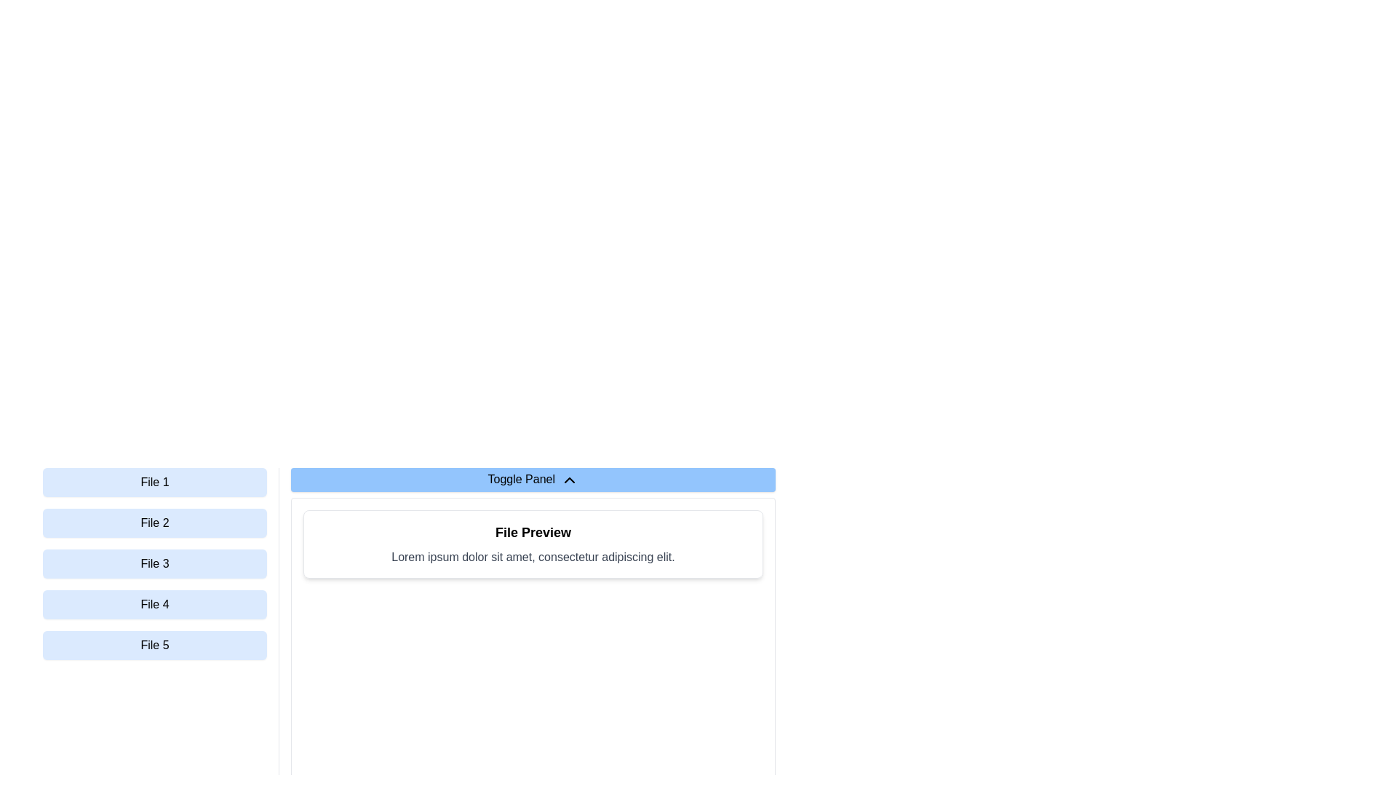 Image resolution: width=1397 pixels, height=786 pixels. What do you see at coordinates (154, 563) in the screenshot?
I see `the light blue rectangular button labeled 'File 3'` at bounding box center [154, 563].